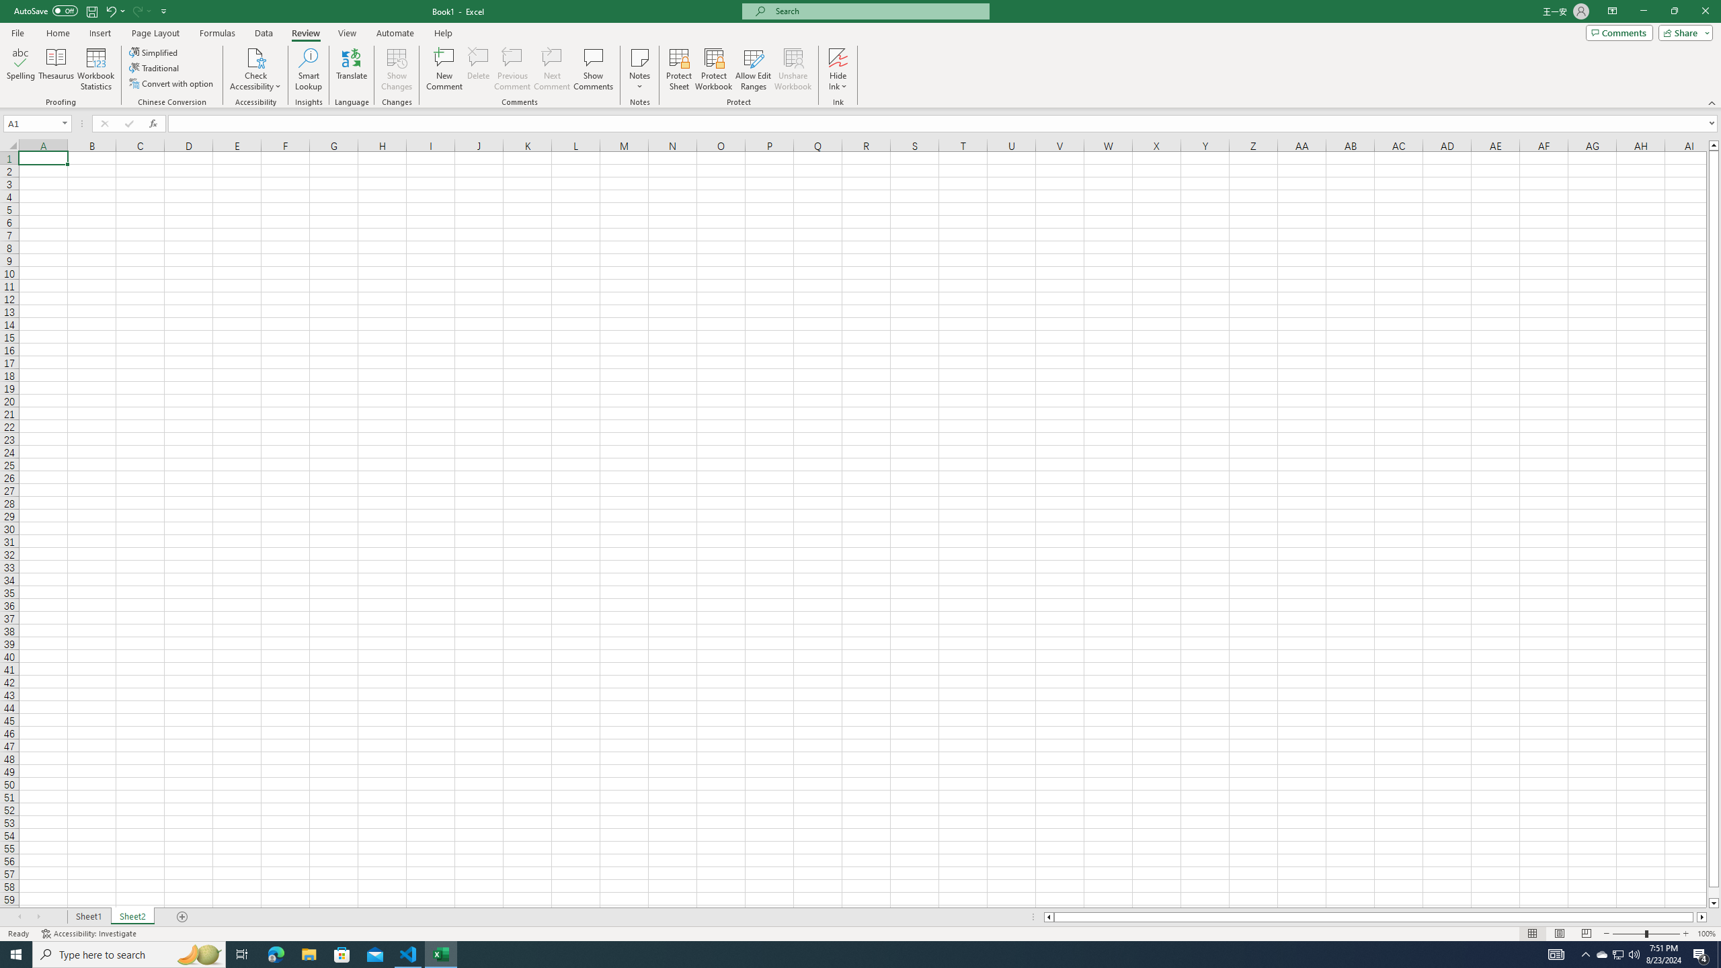  Describe the element at coordinates (351, 69) in the screenshot. I see `'Translate'` at that location.